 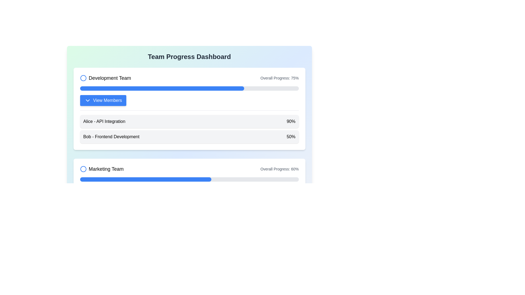 What do you see at coordinates (189, 127) in the screenshot?
I see `the individual rows of the List of information entries displaying team members' names, roles, and completion percentages` at bounding box center [189, 127].